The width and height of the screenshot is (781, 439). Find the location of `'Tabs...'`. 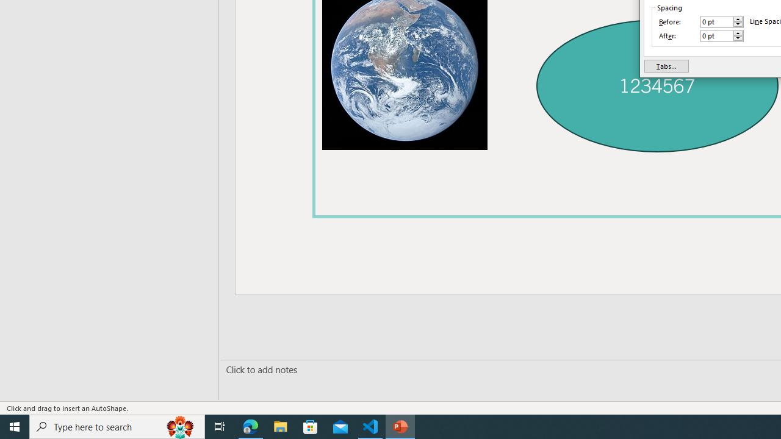

'Tabs...' is located at coordinates (666, 66).